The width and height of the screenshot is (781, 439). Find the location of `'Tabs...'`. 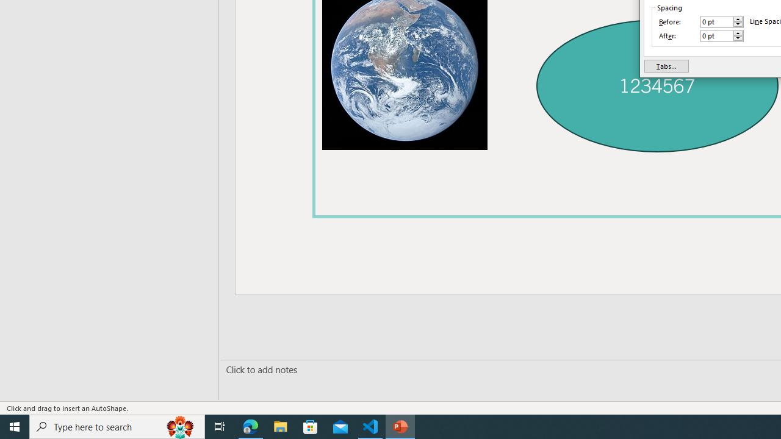

'Tabs...' is located at coordinates (666, 66).